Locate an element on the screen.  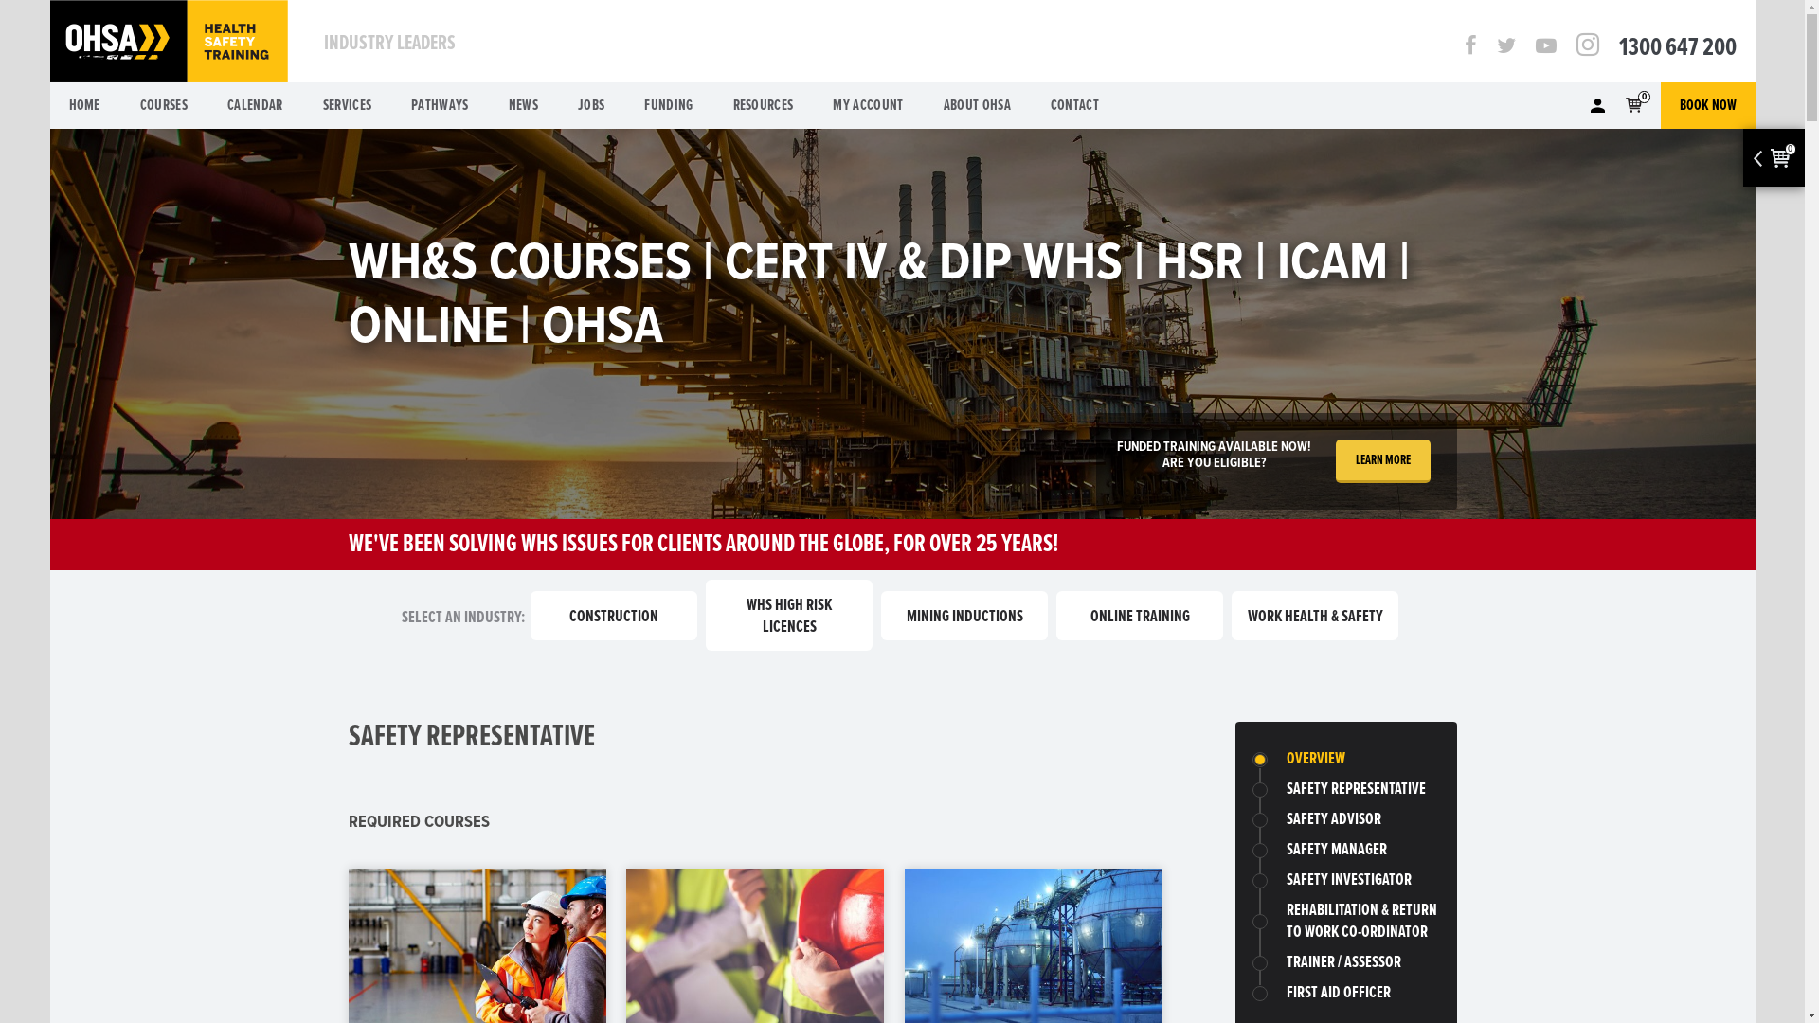
'WORK HEALTH & SAFETY' is located at coordinates (1232, 616).